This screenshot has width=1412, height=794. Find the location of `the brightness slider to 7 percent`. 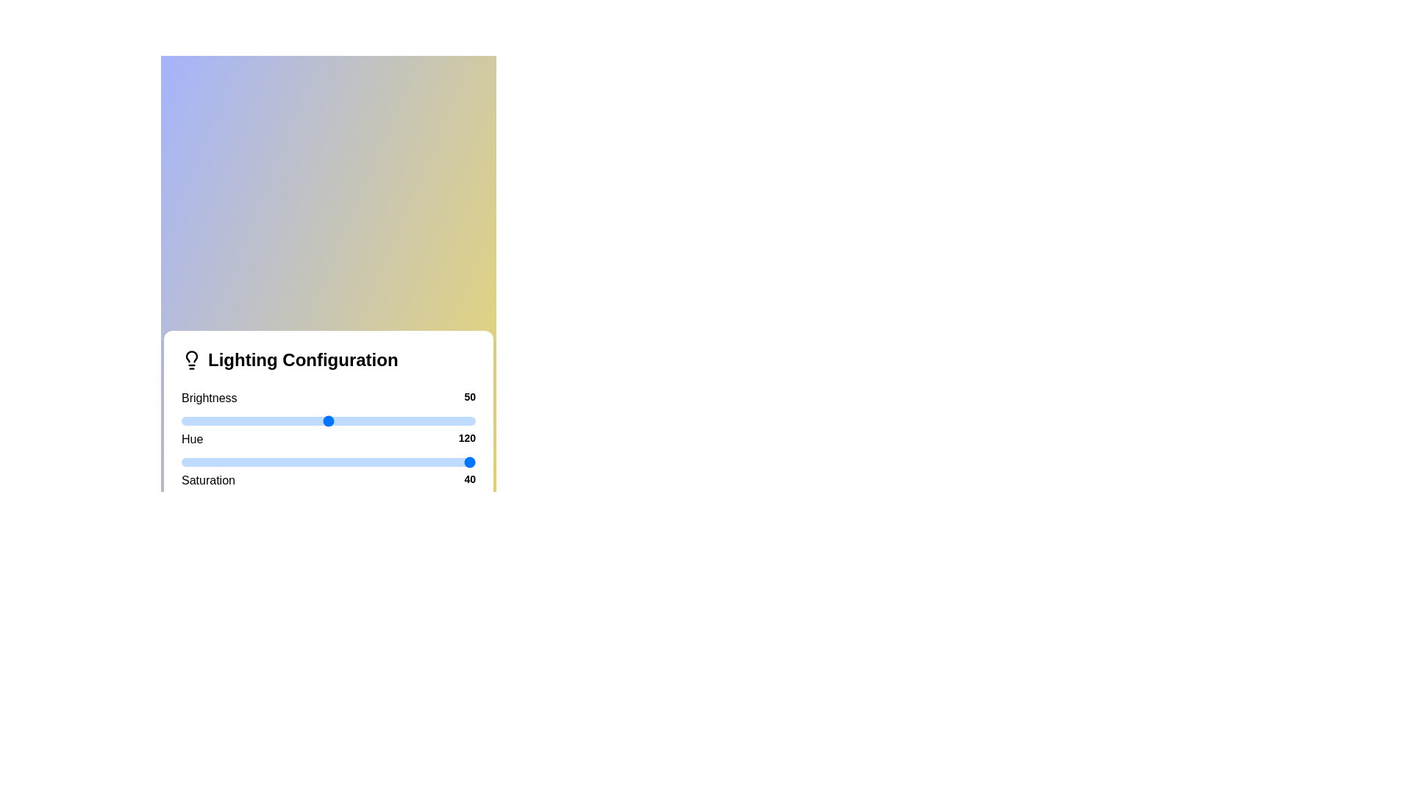

the brightness slider to 7 percent is located at coordinates (201, 421).